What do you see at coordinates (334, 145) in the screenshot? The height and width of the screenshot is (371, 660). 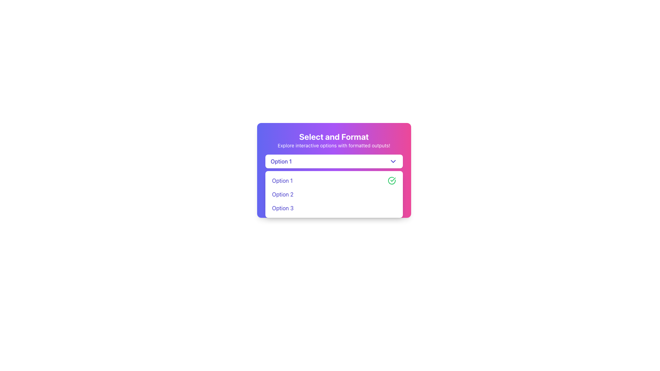 I see `the static text label that provides additional information below the header 'Select and Format'` at bounding box center [334, 145].